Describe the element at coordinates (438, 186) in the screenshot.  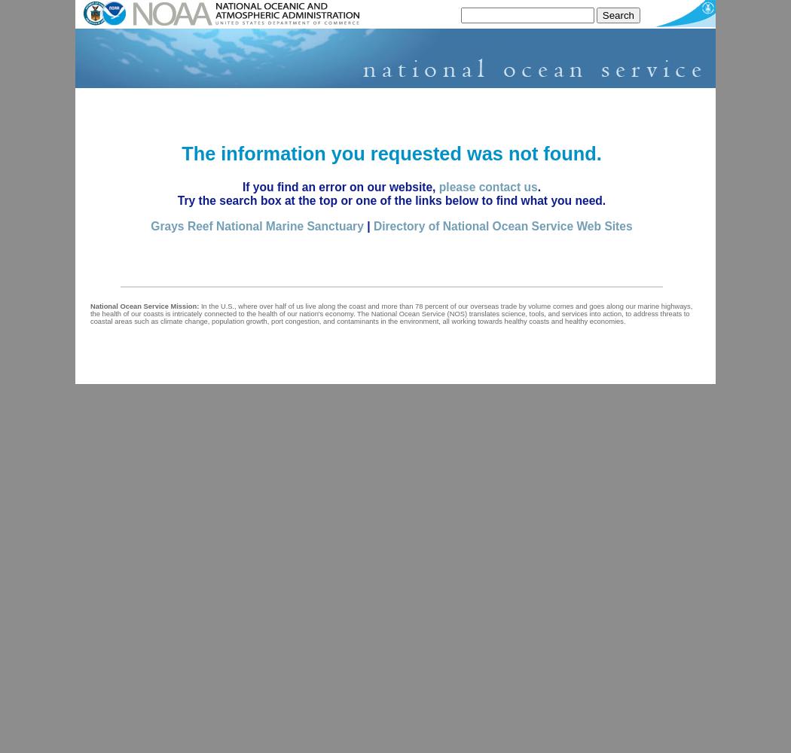
I see `'please contact us'` at that location.